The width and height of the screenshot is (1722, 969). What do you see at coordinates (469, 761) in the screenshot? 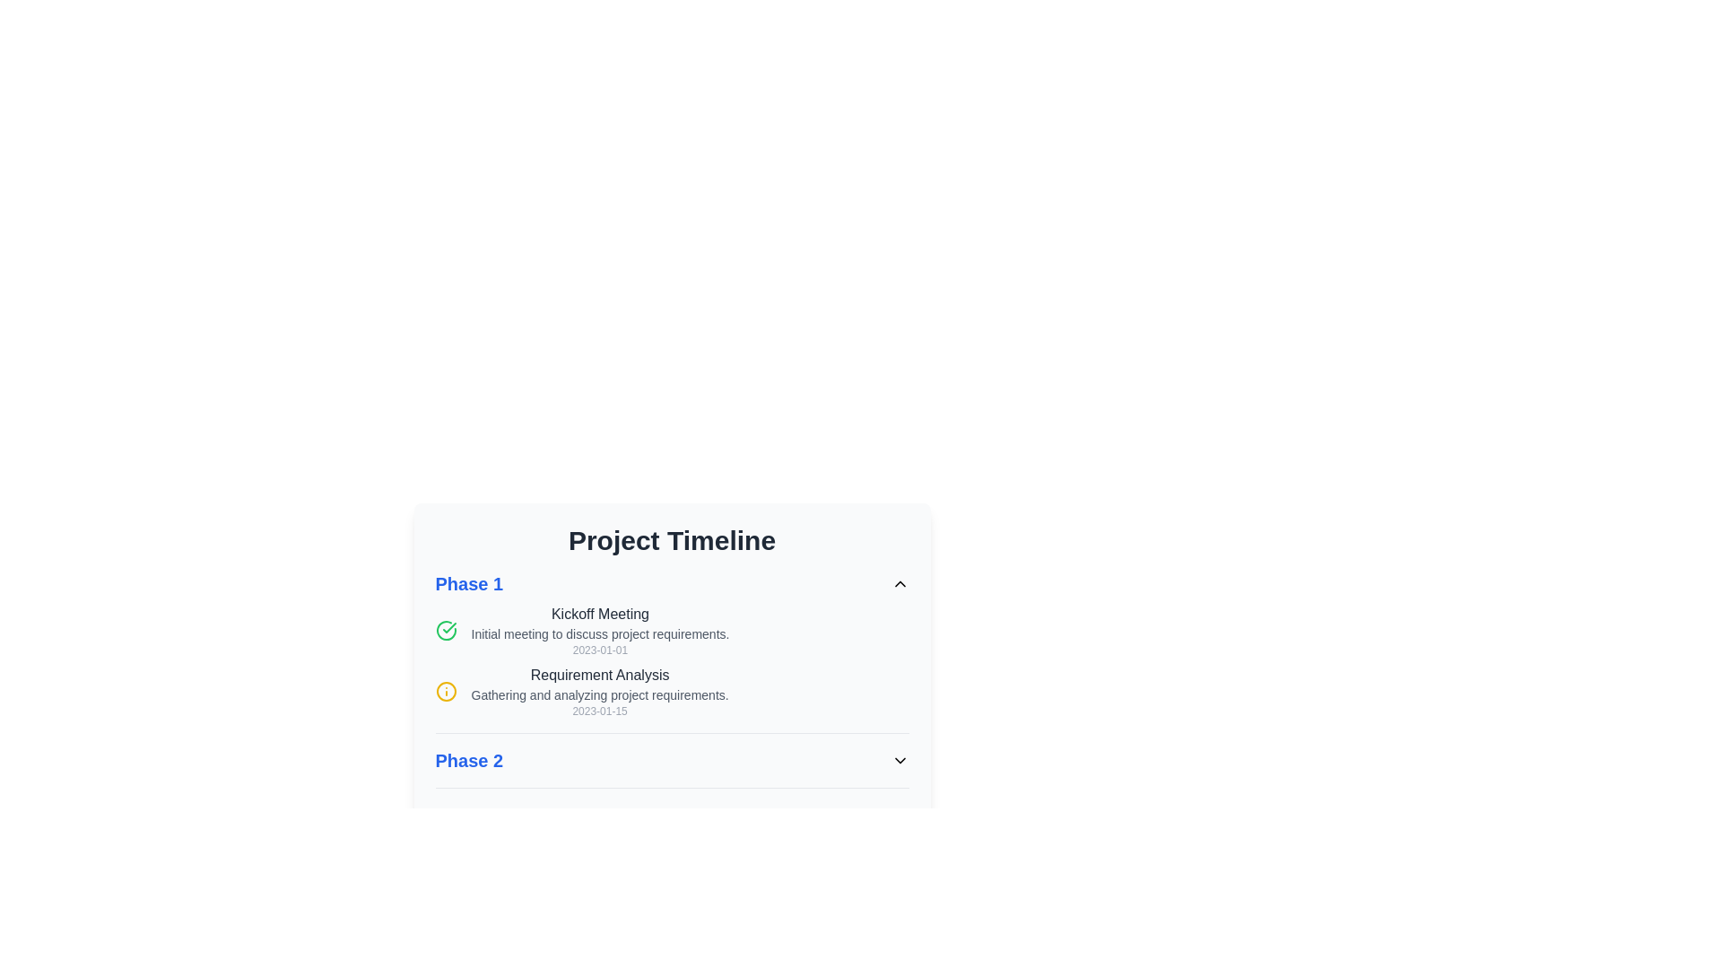
I see `the text label reading 'Phase 2' styled in a bold, extra-large font with a blue color, located below the 'Phase 1' heading in the 'Project Timeline' section` at bounding box center [469, 761].